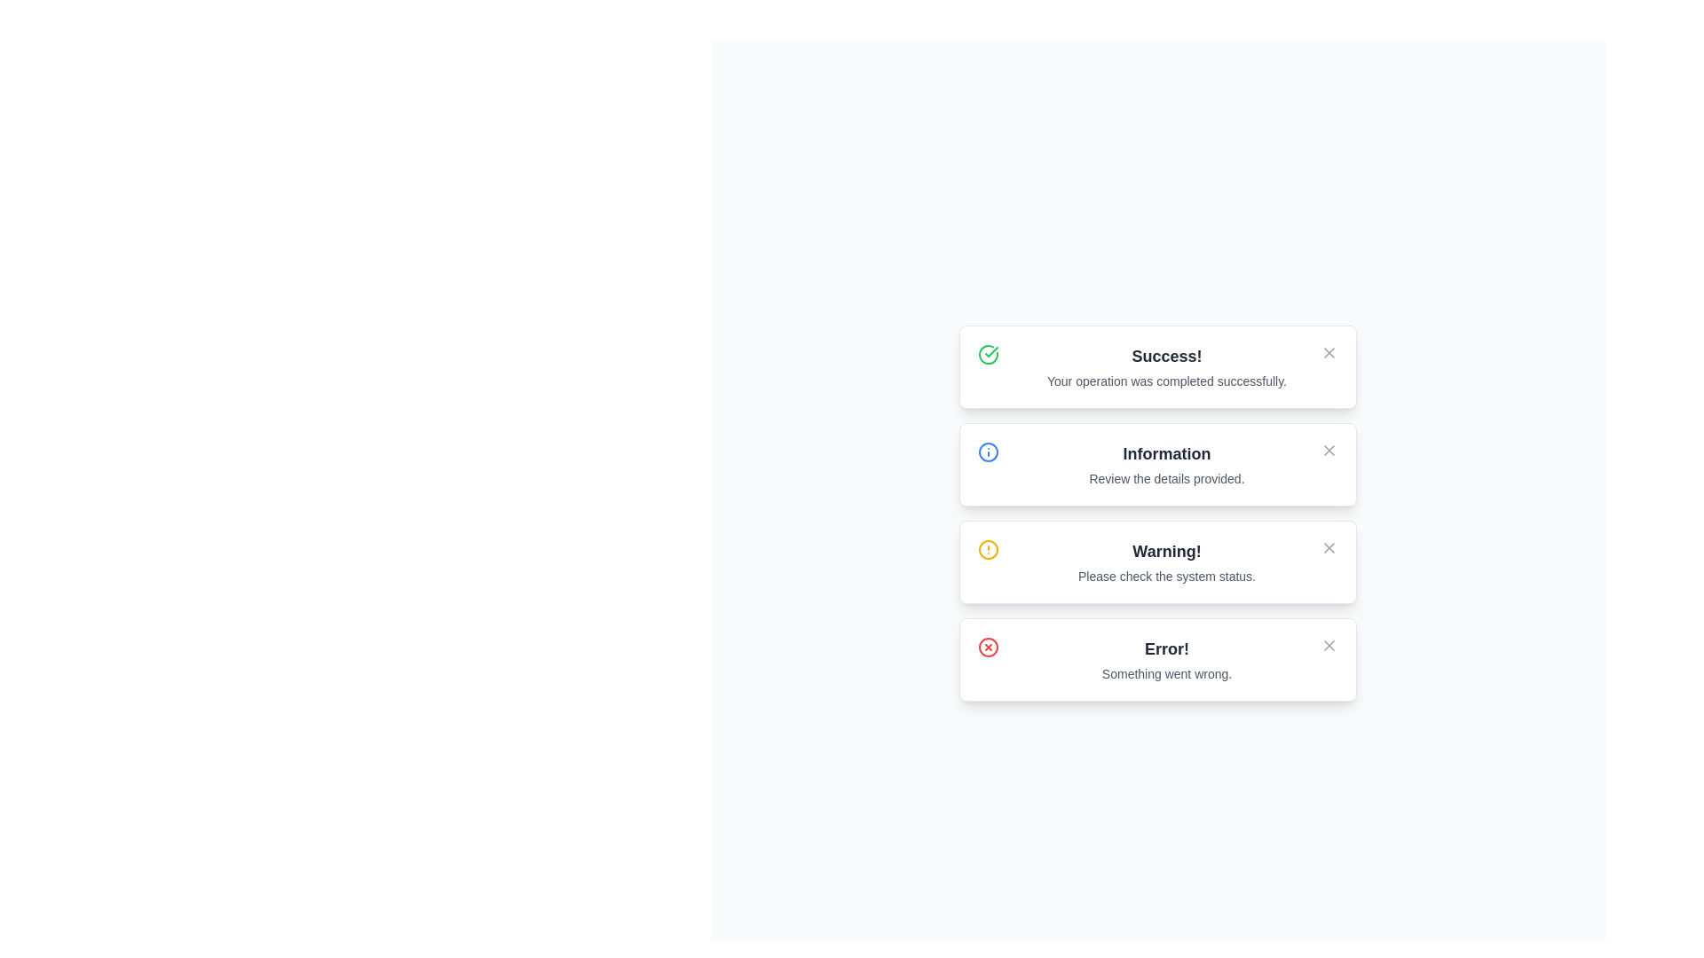  I want to click on text element that serves as the title for the error message in the fourth notification card, which alerts the user to an error, so click(1167, 649).